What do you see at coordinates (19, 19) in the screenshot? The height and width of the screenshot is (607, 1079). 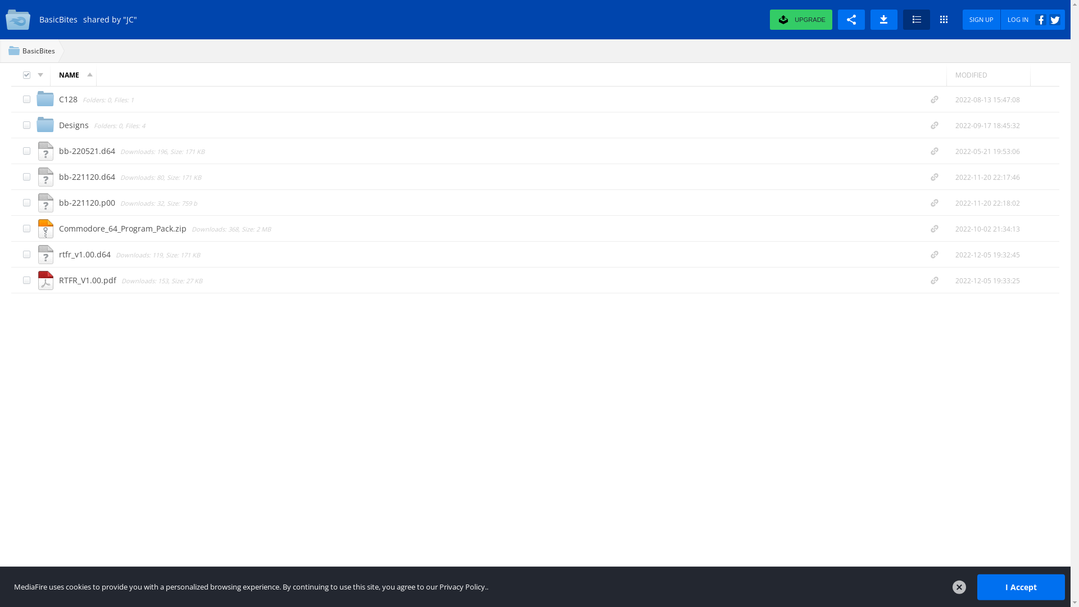 I see `'MediaFire'` at bounding box center [19, 19].